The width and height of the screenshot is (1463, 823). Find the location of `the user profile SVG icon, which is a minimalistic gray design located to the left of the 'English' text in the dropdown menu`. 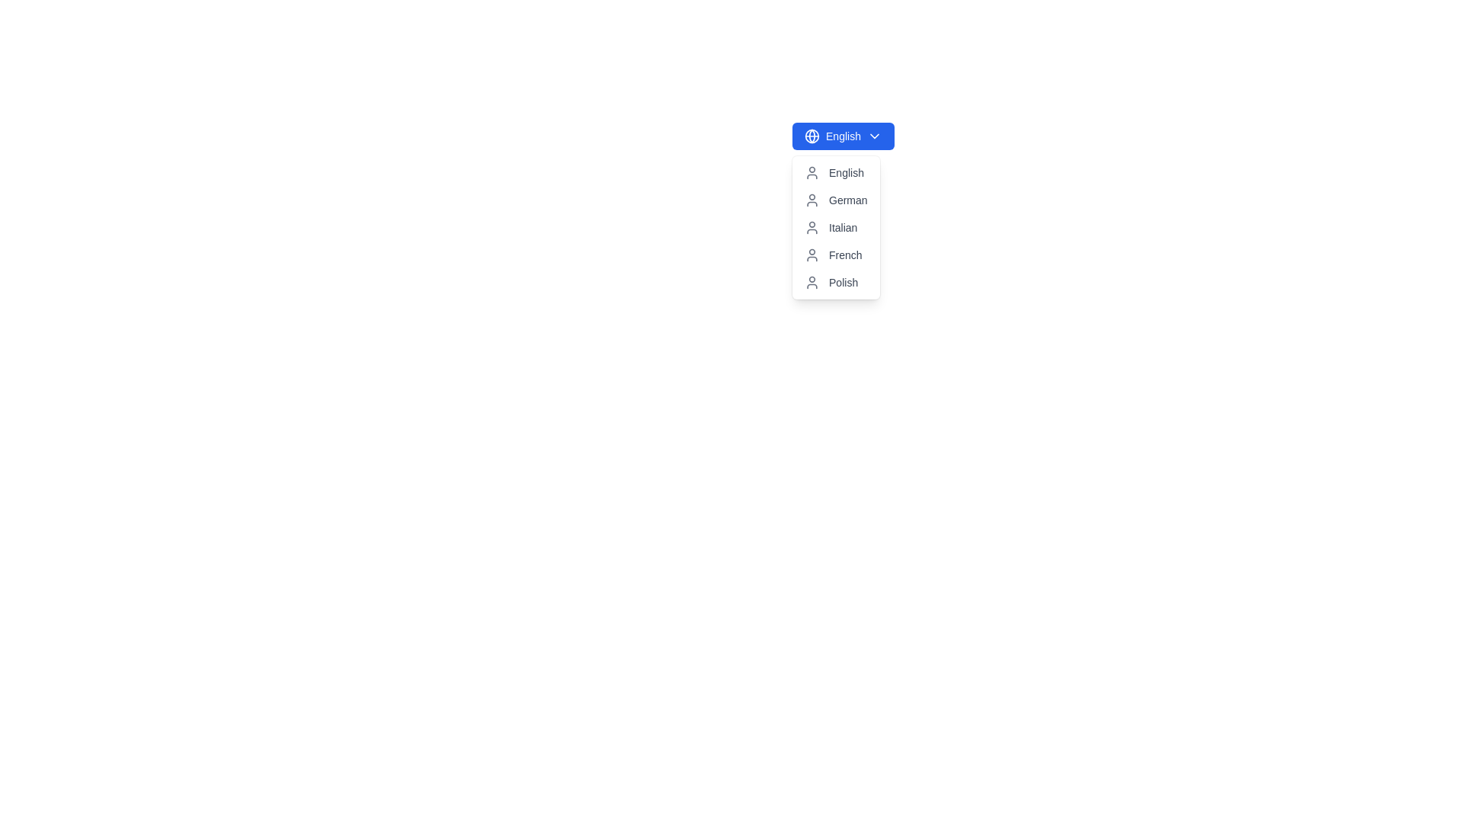

the user profile SVG icon, which is a minimalistic gray design located to the left of the 'English' text in the dropdown menu is located at coordinates (811, 172).